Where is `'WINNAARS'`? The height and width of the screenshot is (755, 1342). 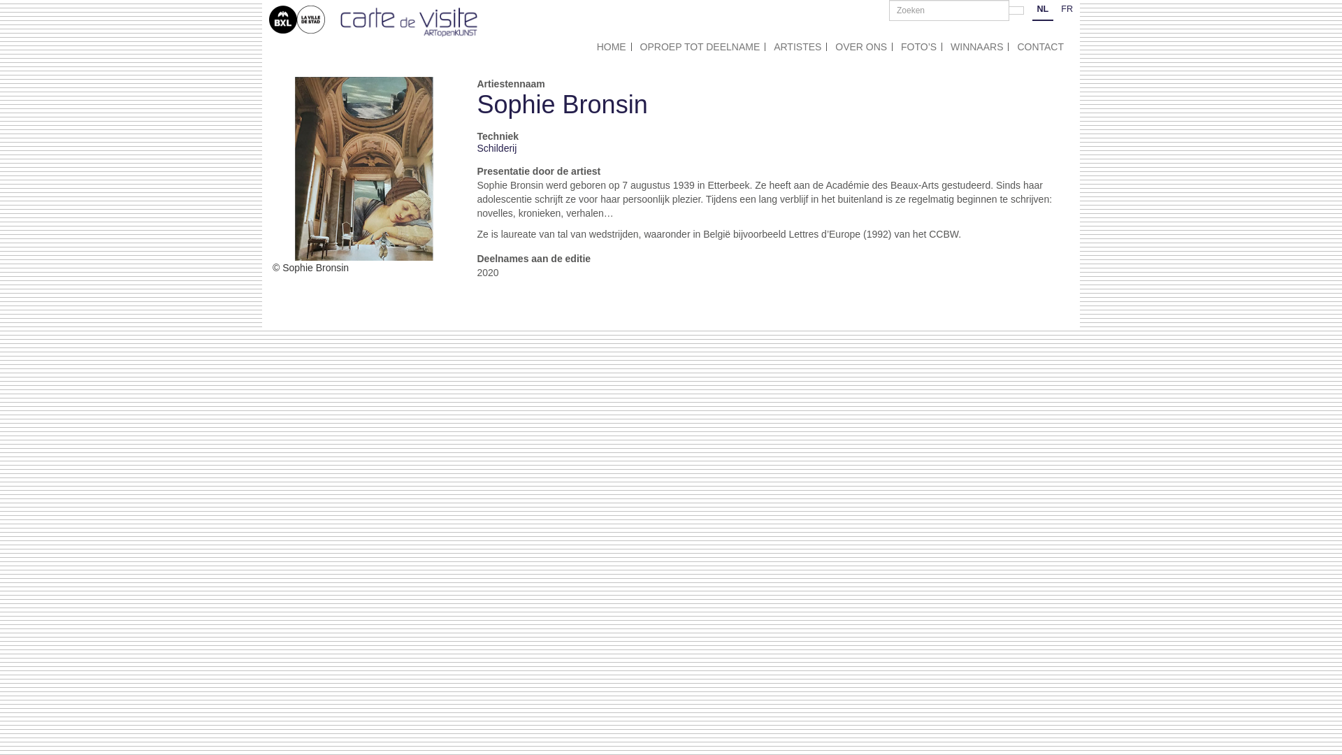 'WINNAARS' is located at coordinates (976, 45).